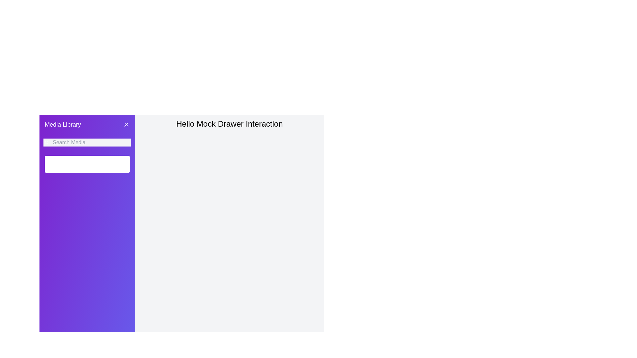 Image resolution: width=637 pixels, height=358 pixels. What do you see at coordinates (126, 124) in the screenshot?
I see `the close button located in the top-right corner of the purple header section labeled 'Media Library'` at bounding box center [126, 124].